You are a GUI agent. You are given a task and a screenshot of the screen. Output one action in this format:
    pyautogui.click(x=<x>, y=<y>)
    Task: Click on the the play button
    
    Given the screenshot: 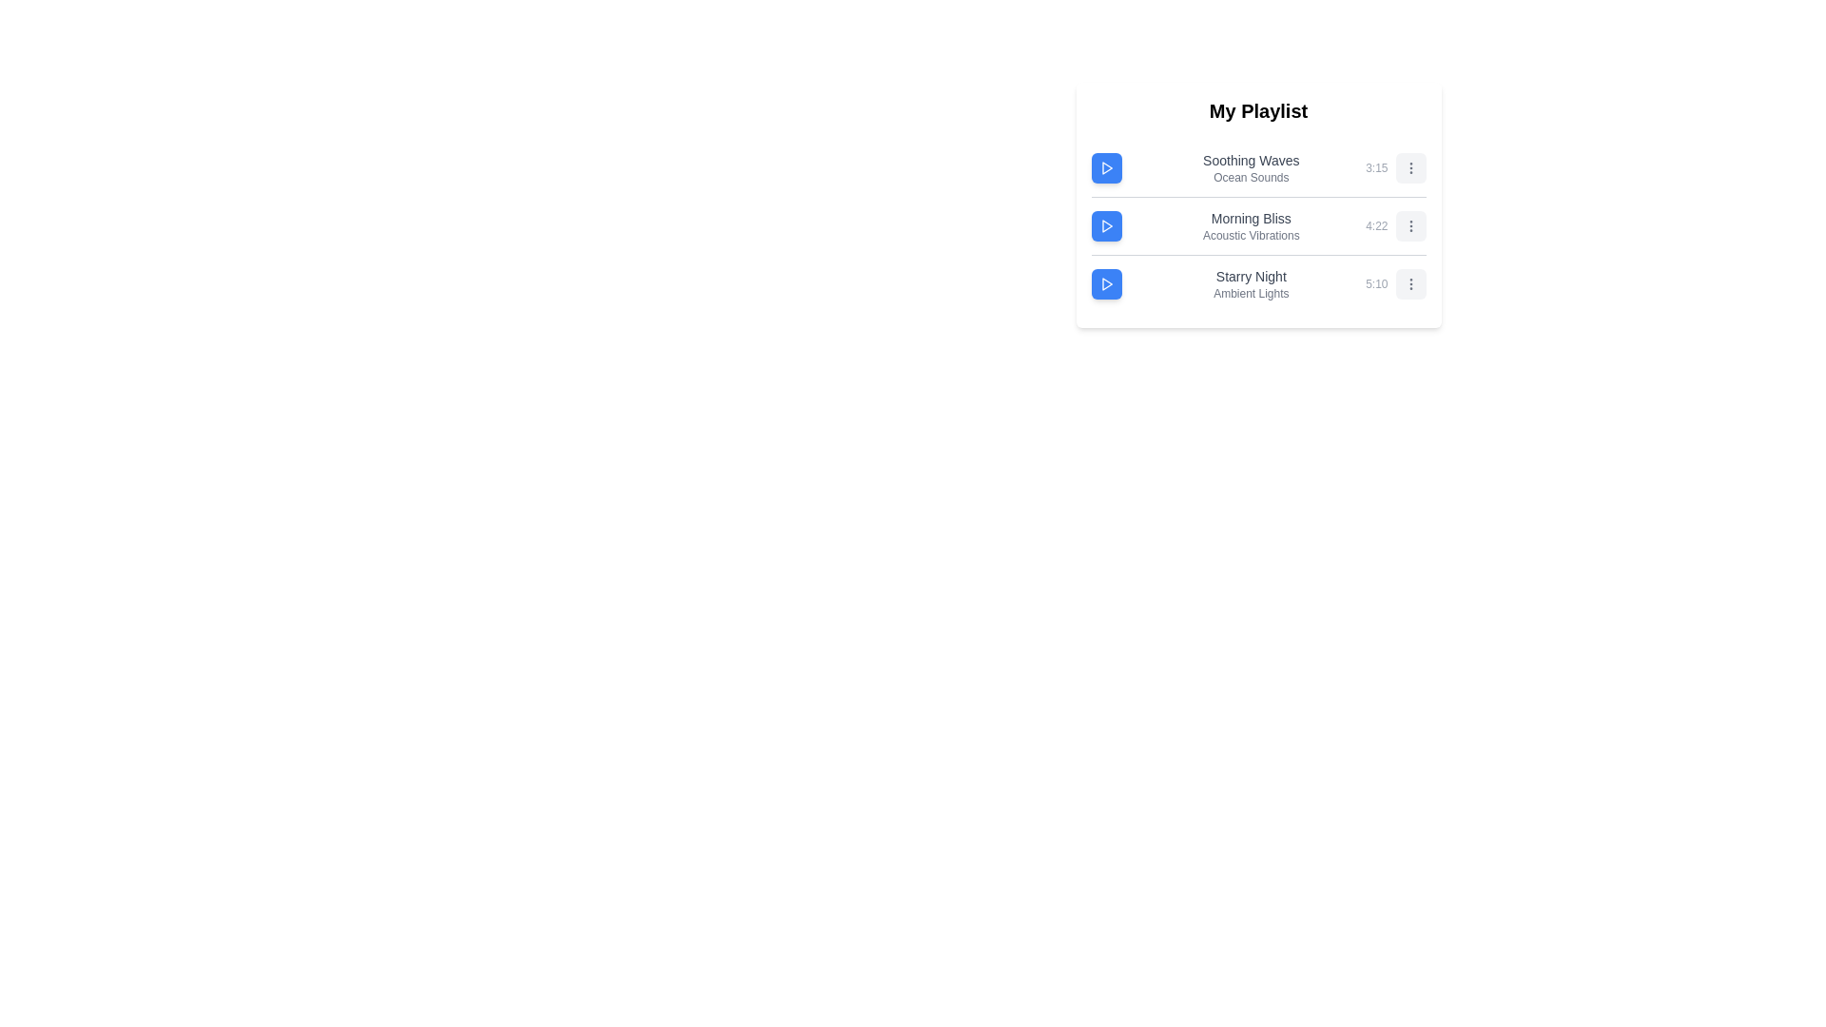 What is the action you would take?
    pyautogui.click(x=1106, y=284)
    